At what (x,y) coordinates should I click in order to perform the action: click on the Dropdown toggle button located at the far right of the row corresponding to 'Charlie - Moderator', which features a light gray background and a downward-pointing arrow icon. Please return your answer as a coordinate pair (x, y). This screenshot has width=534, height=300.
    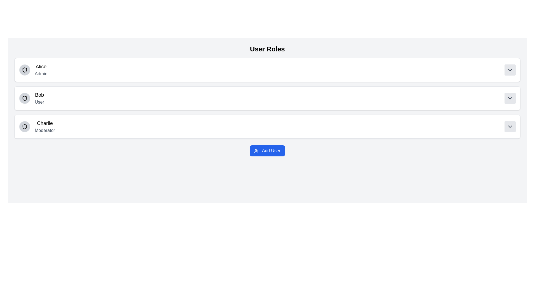
    Looking at the image, I should click on (510, 126).